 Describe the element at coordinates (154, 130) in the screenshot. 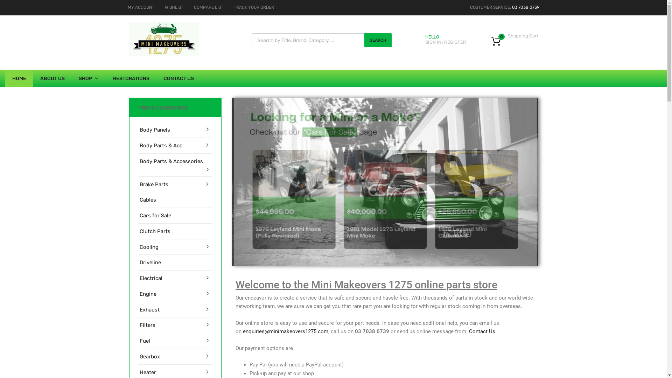

I see `'Body Panels'` at that location.